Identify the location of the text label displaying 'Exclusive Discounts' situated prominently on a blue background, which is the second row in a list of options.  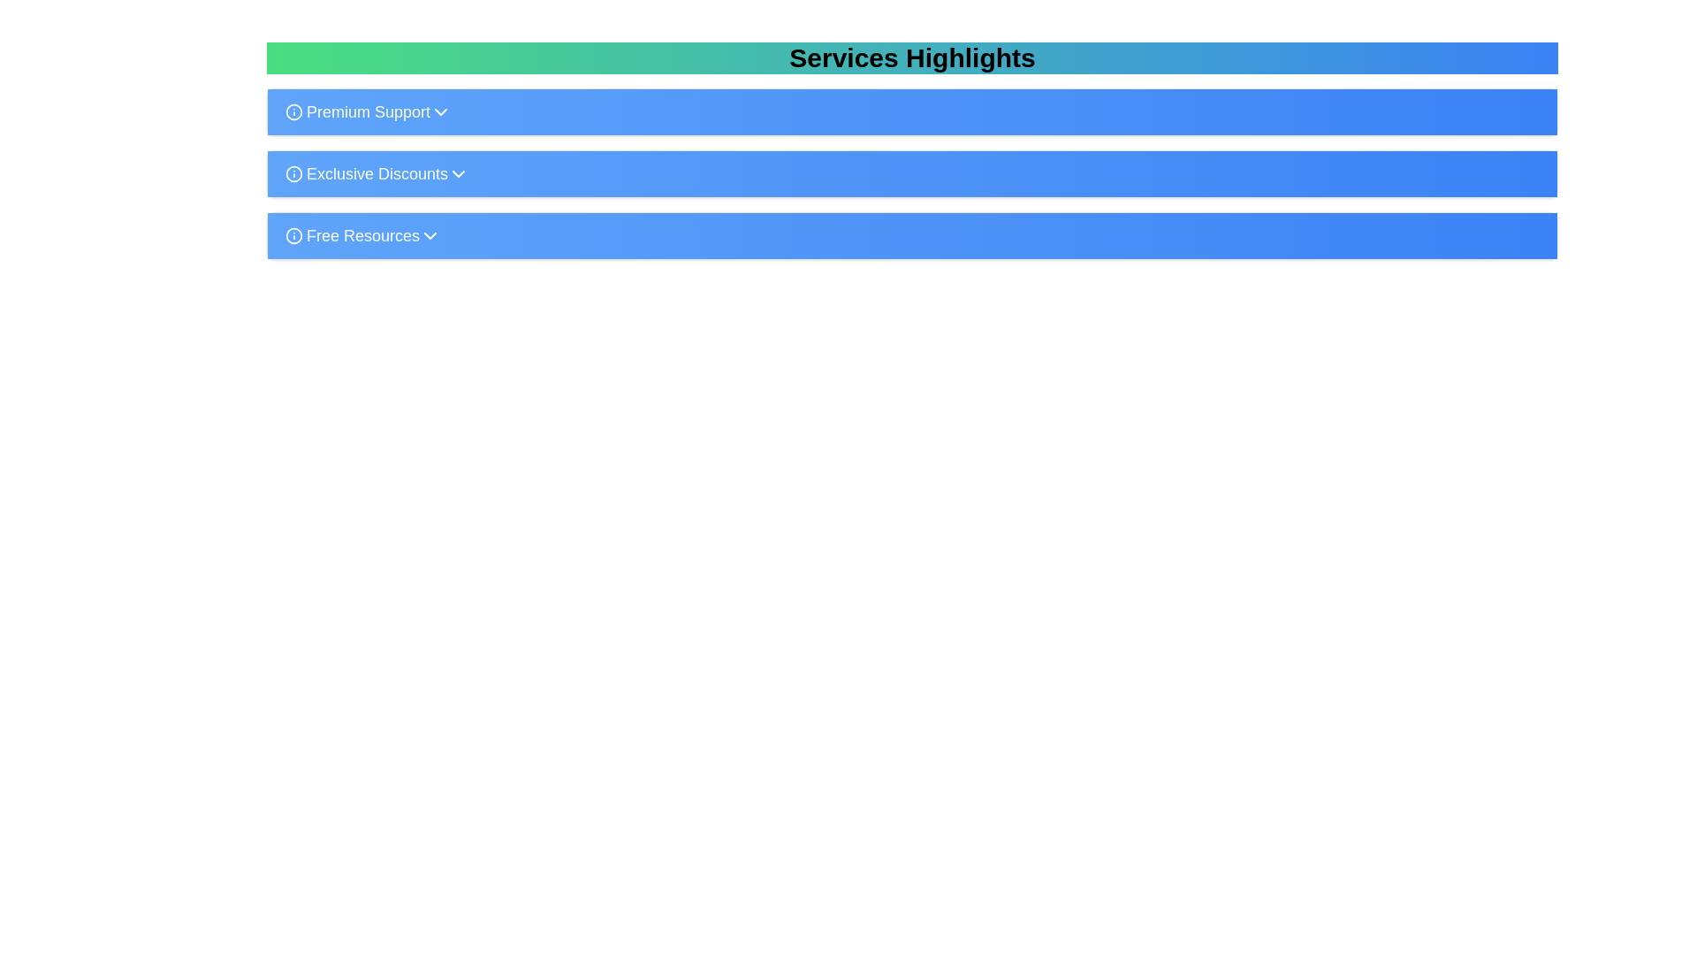
(377, 173).